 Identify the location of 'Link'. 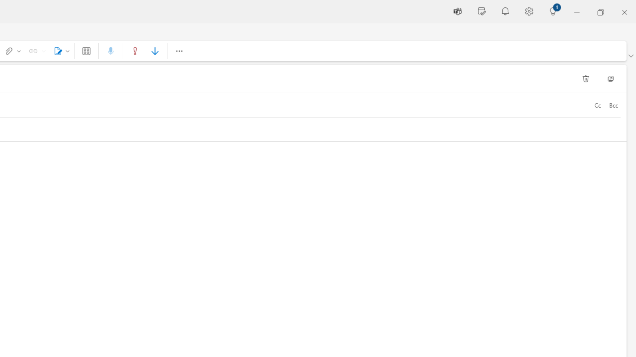
(35, 51).